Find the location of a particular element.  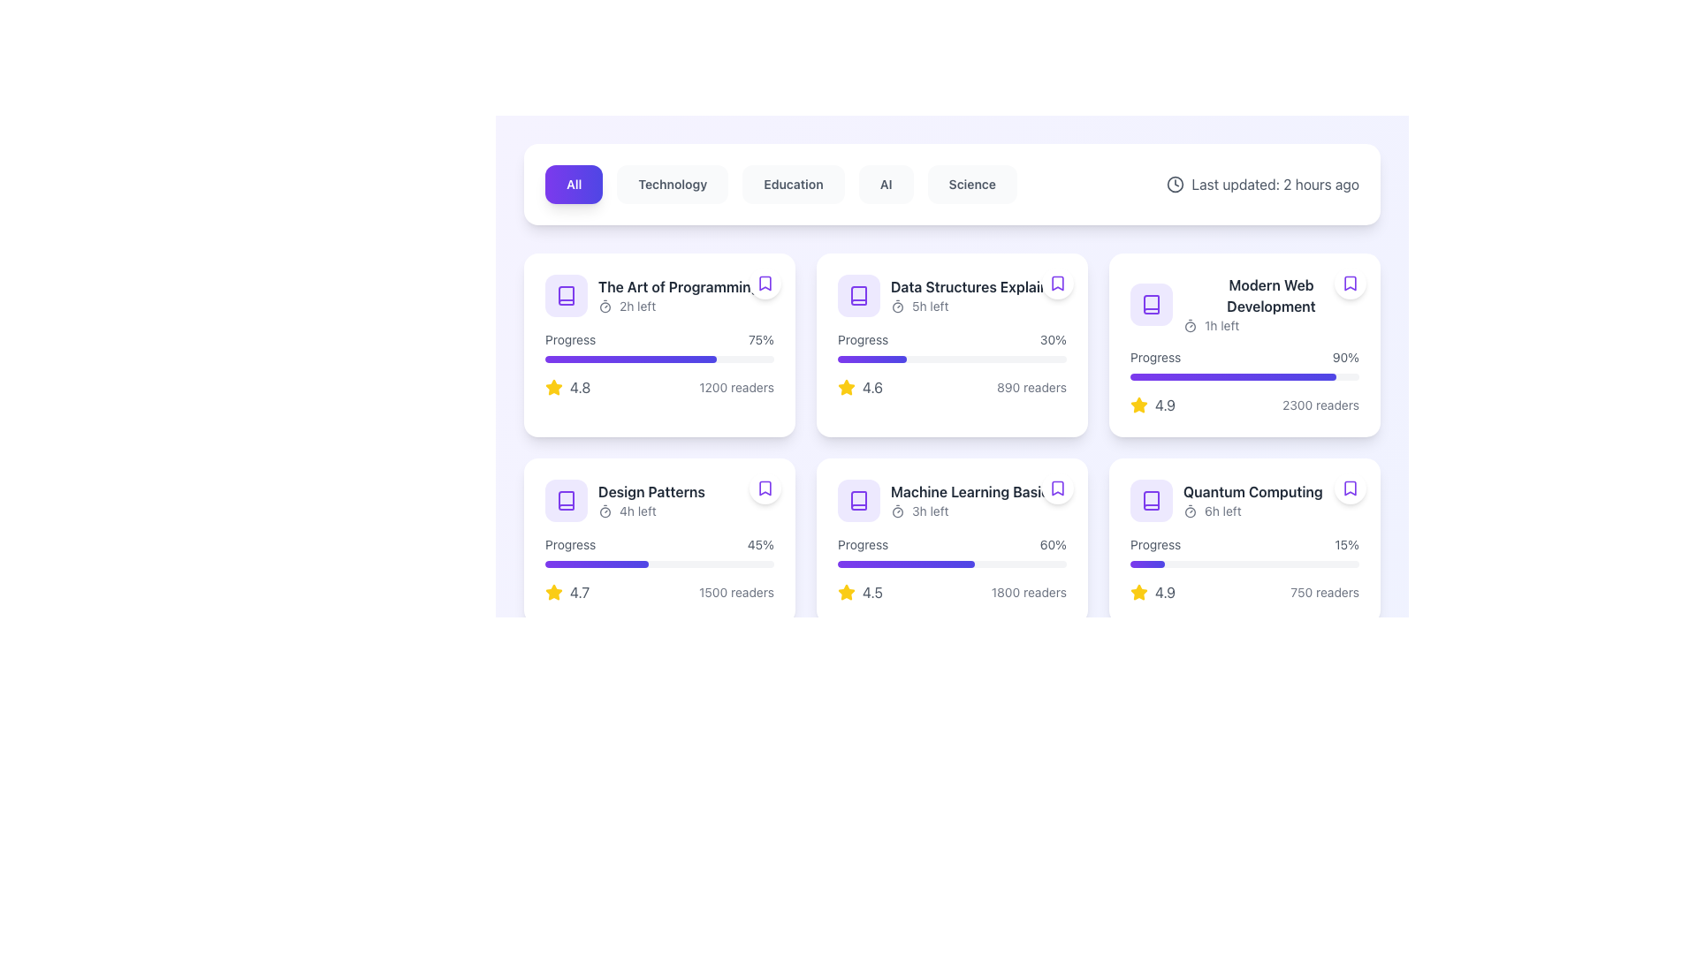

the violet bookmark icon within the circular button located in the top-right corner of the 'Modern Web Development' card is located at coordinates (1349, 282).